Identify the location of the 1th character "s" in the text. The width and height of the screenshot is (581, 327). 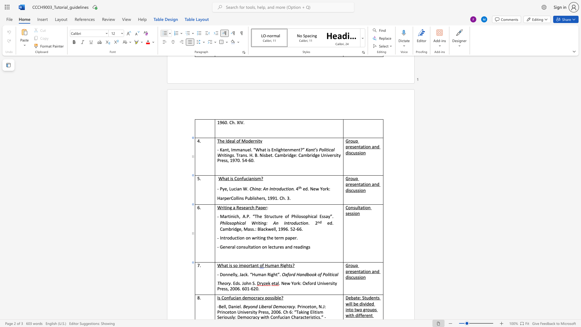
(242, 207).